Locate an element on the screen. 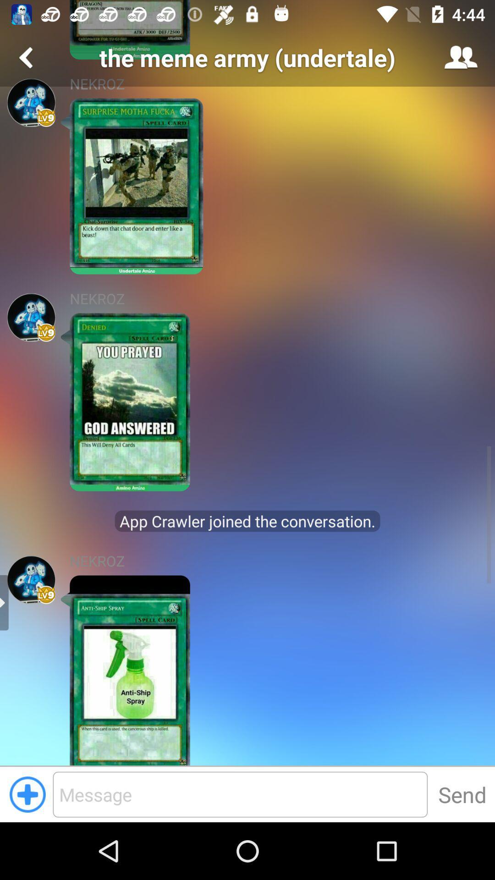 Image resolution: width=495 pixels, height=880 pixels. message page is located at coordinates (240, 794).